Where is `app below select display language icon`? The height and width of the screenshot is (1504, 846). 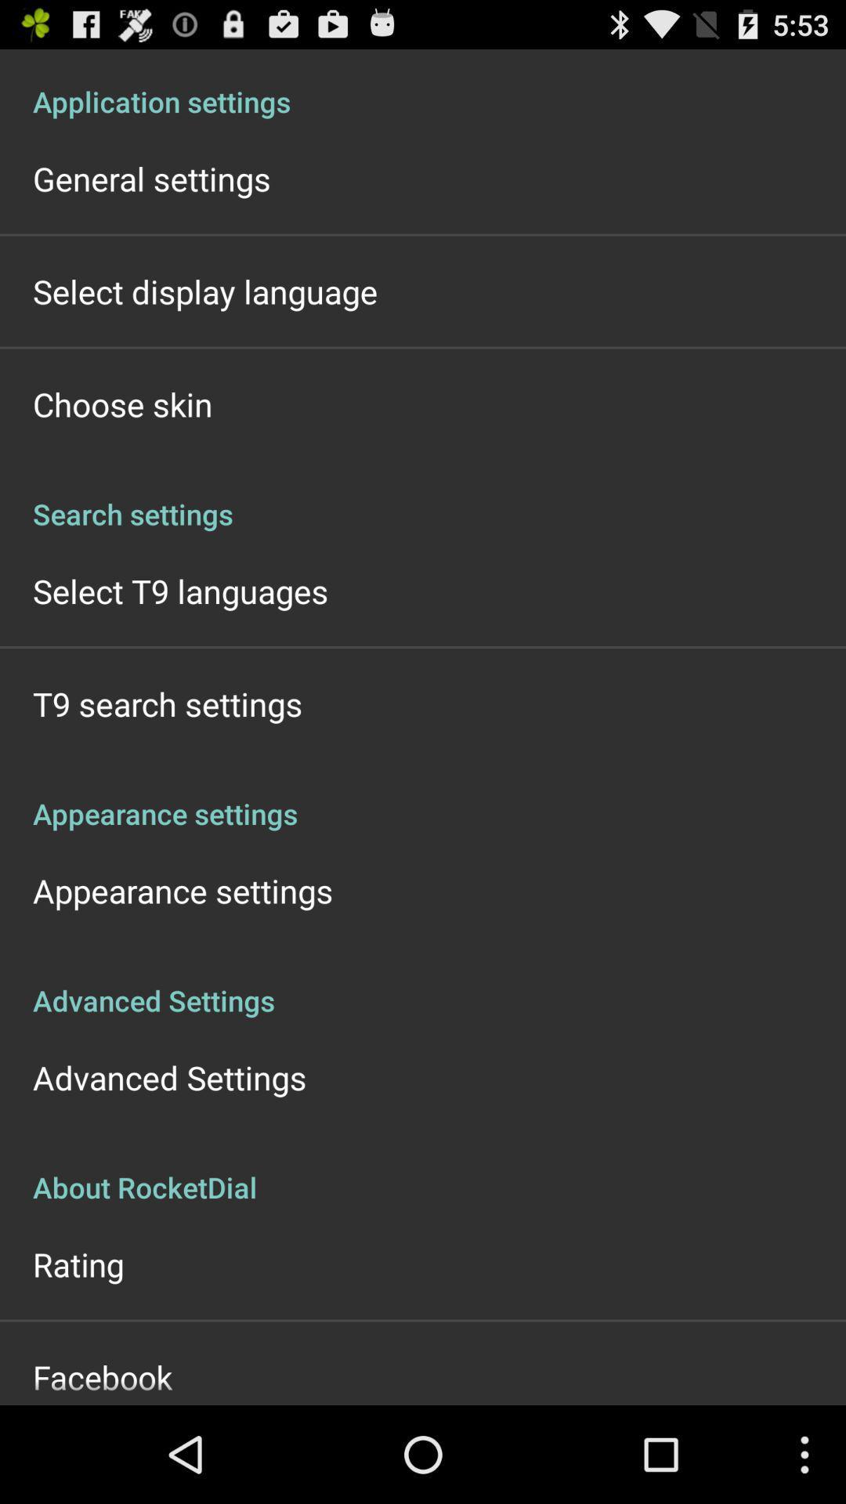
app below select display language icon is located at coordinates (121, 403).